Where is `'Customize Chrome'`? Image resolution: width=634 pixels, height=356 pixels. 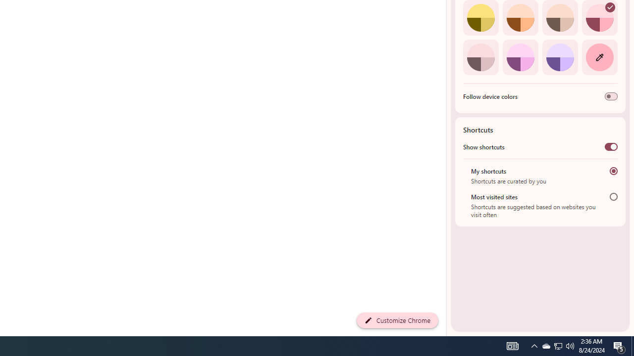
'Customize Chrome' is located at coordinates (397, 320).